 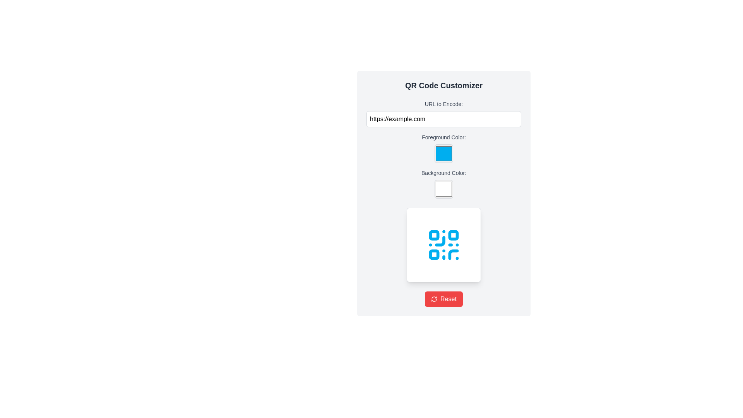 What do you see at coordinates (434, 254) in the screenshot?
I see `the decorative rectangle element located in the bottom-left corner of the QR code graphic` at bounding box center [434, 254].